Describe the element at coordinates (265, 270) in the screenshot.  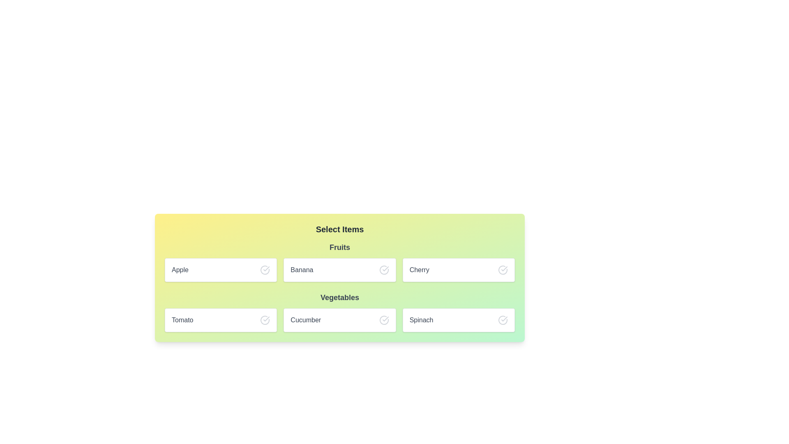
I see `the gray circle checkmark icon located to the right of the 'Apple' label in the top-left box of the 'Fruits' section within the 'Select Items' list interface` at that location.